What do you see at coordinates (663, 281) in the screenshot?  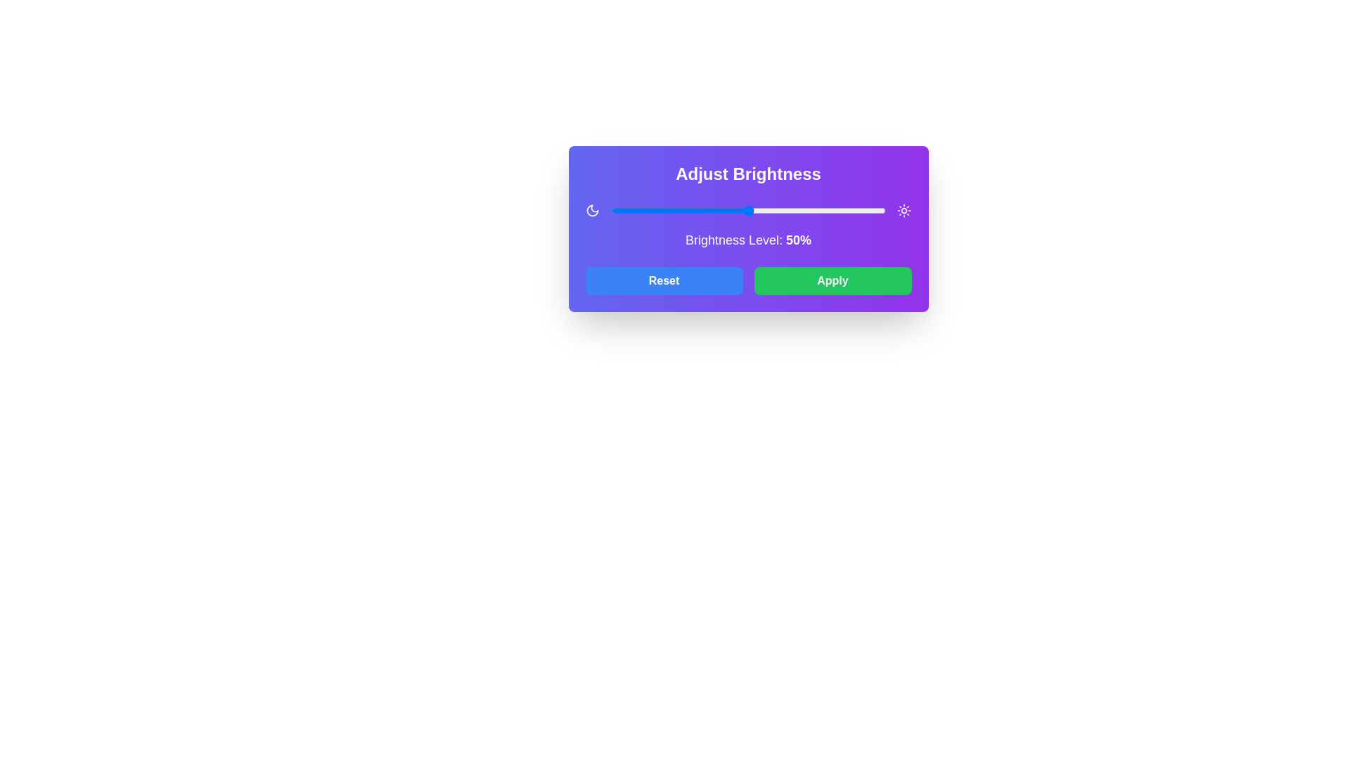 I see `the 'Reset' button to reset the brightness` at bounding box center [663, 281].